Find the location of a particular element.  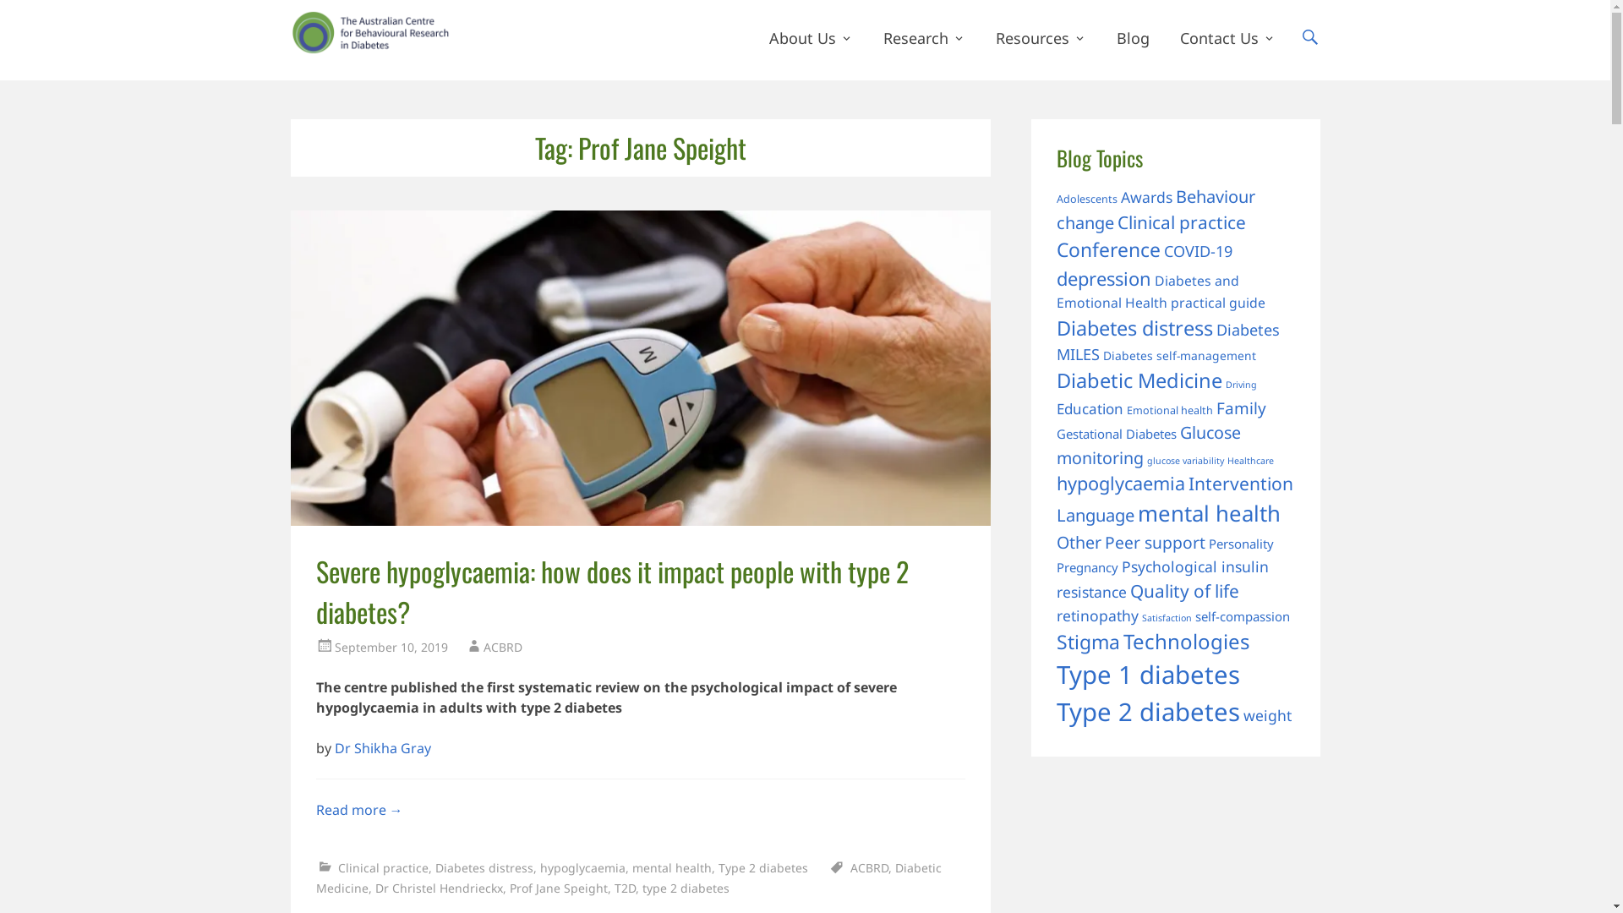

'Awards' is located at coordinates (1146, 195).